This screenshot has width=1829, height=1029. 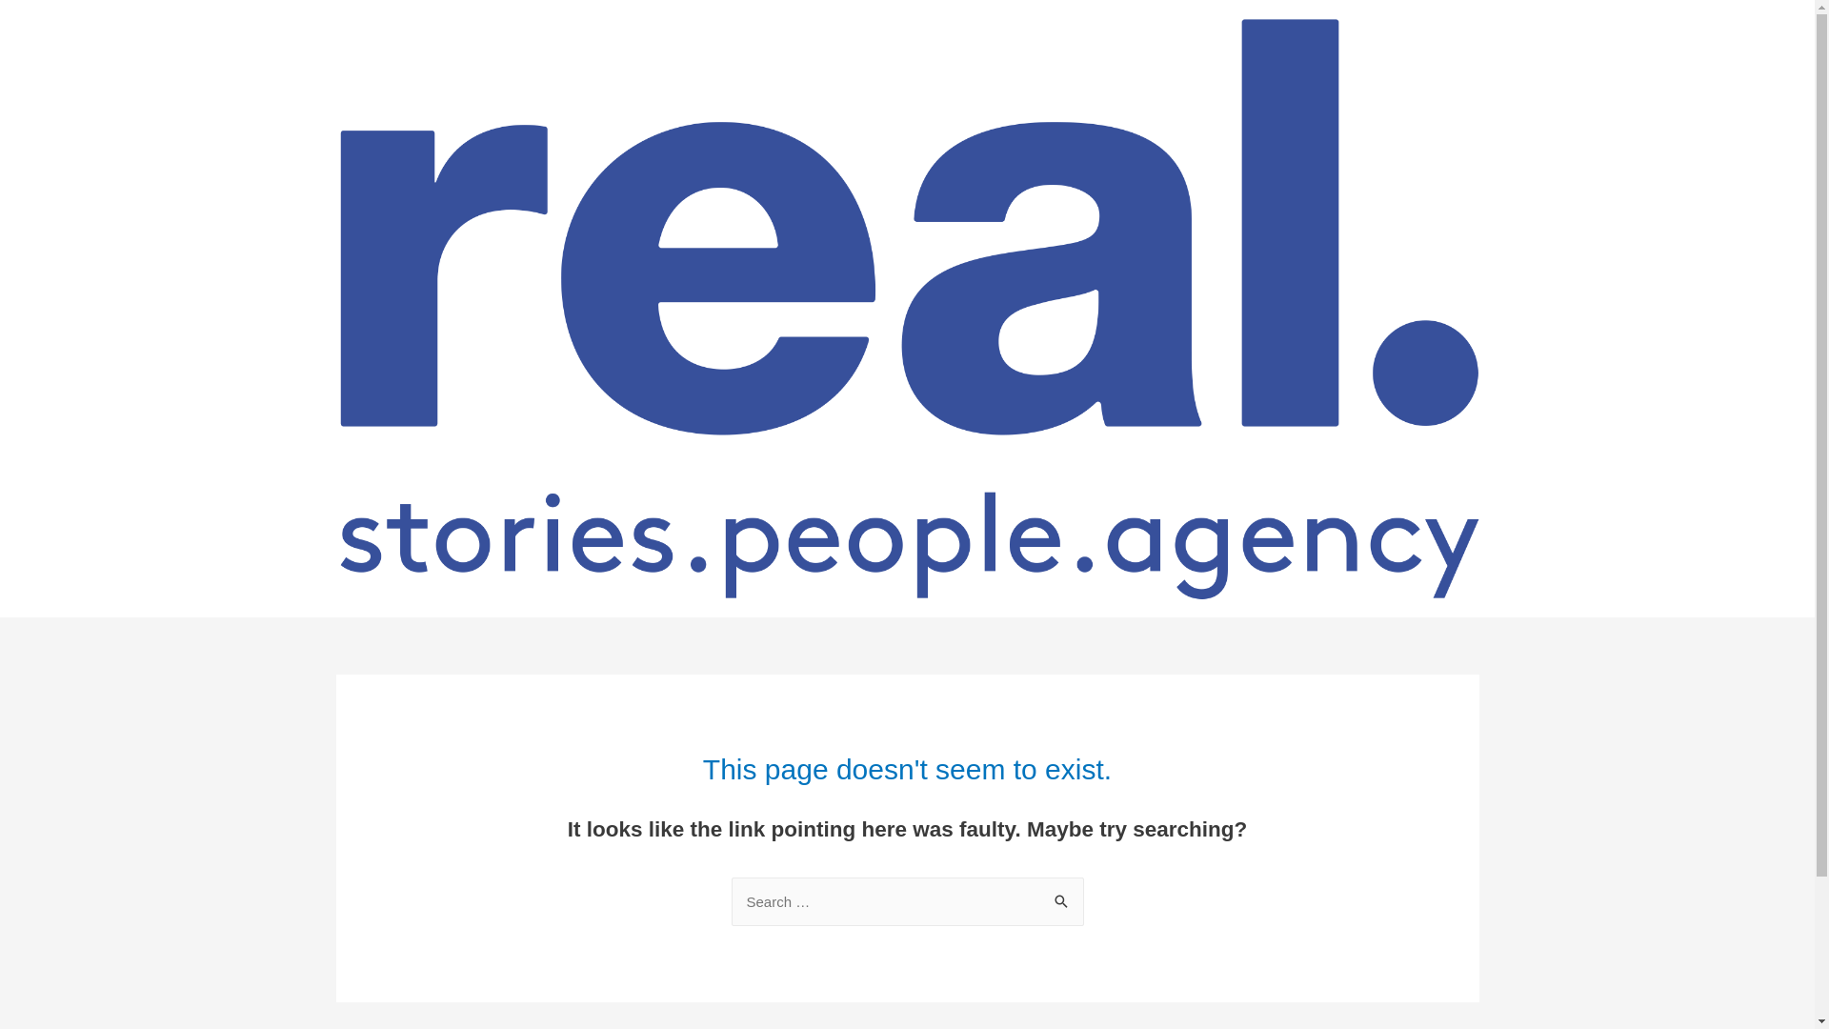 I want to click on 'Search', so click(x=1060, y=902).